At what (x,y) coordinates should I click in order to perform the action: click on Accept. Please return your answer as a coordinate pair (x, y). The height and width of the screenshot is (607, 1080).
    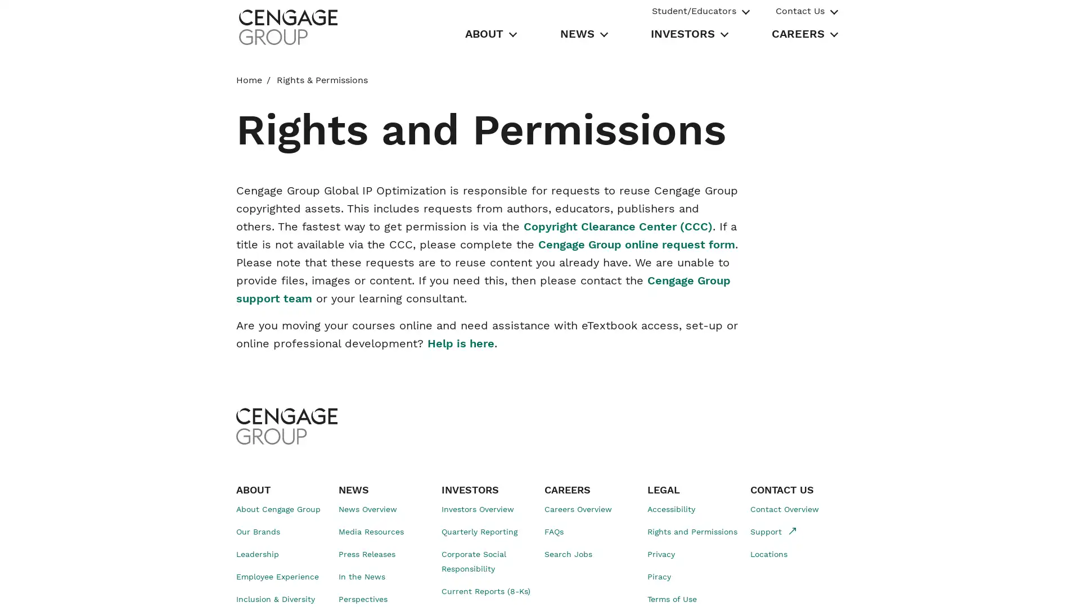
    Looking at the image, I should click on (867, 585).